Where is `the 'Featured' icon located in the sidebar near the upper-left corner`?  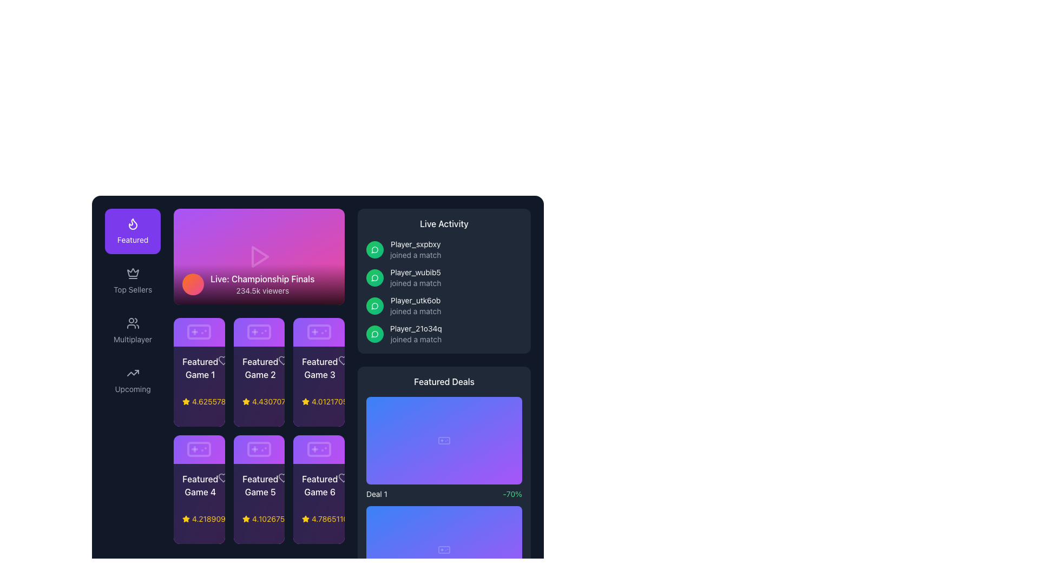 the 'Featured' icon located in the sidebar near the upper-left corner is located at coordinates (132, 223).